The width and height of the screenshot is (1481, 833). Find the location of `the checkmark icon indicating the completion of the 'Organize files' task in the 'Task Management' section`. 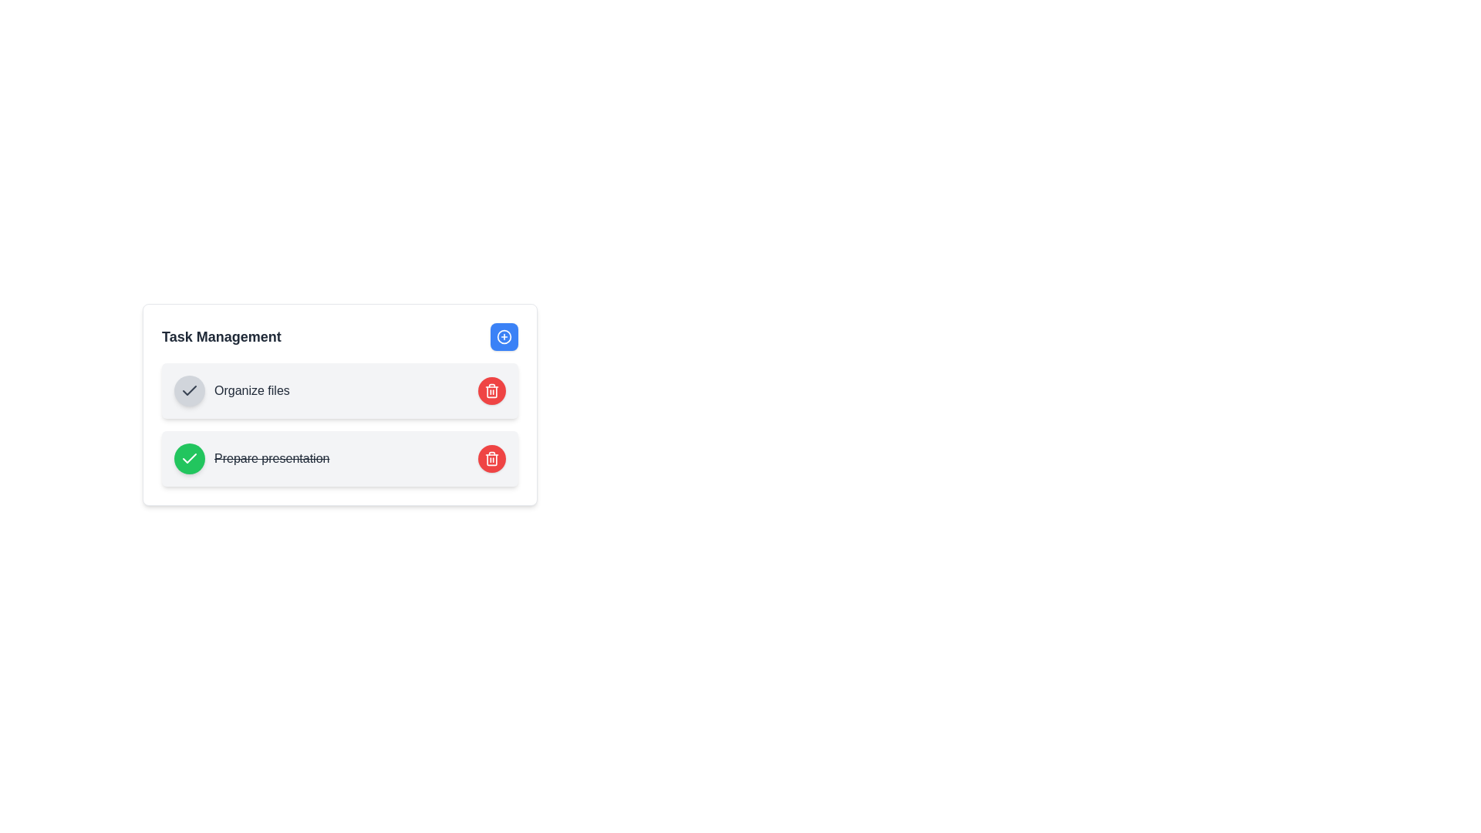

the checkmark icon indicating the completion of the 'Organize files' task in the 'Task Management' section is located at coordinates (188, 390).